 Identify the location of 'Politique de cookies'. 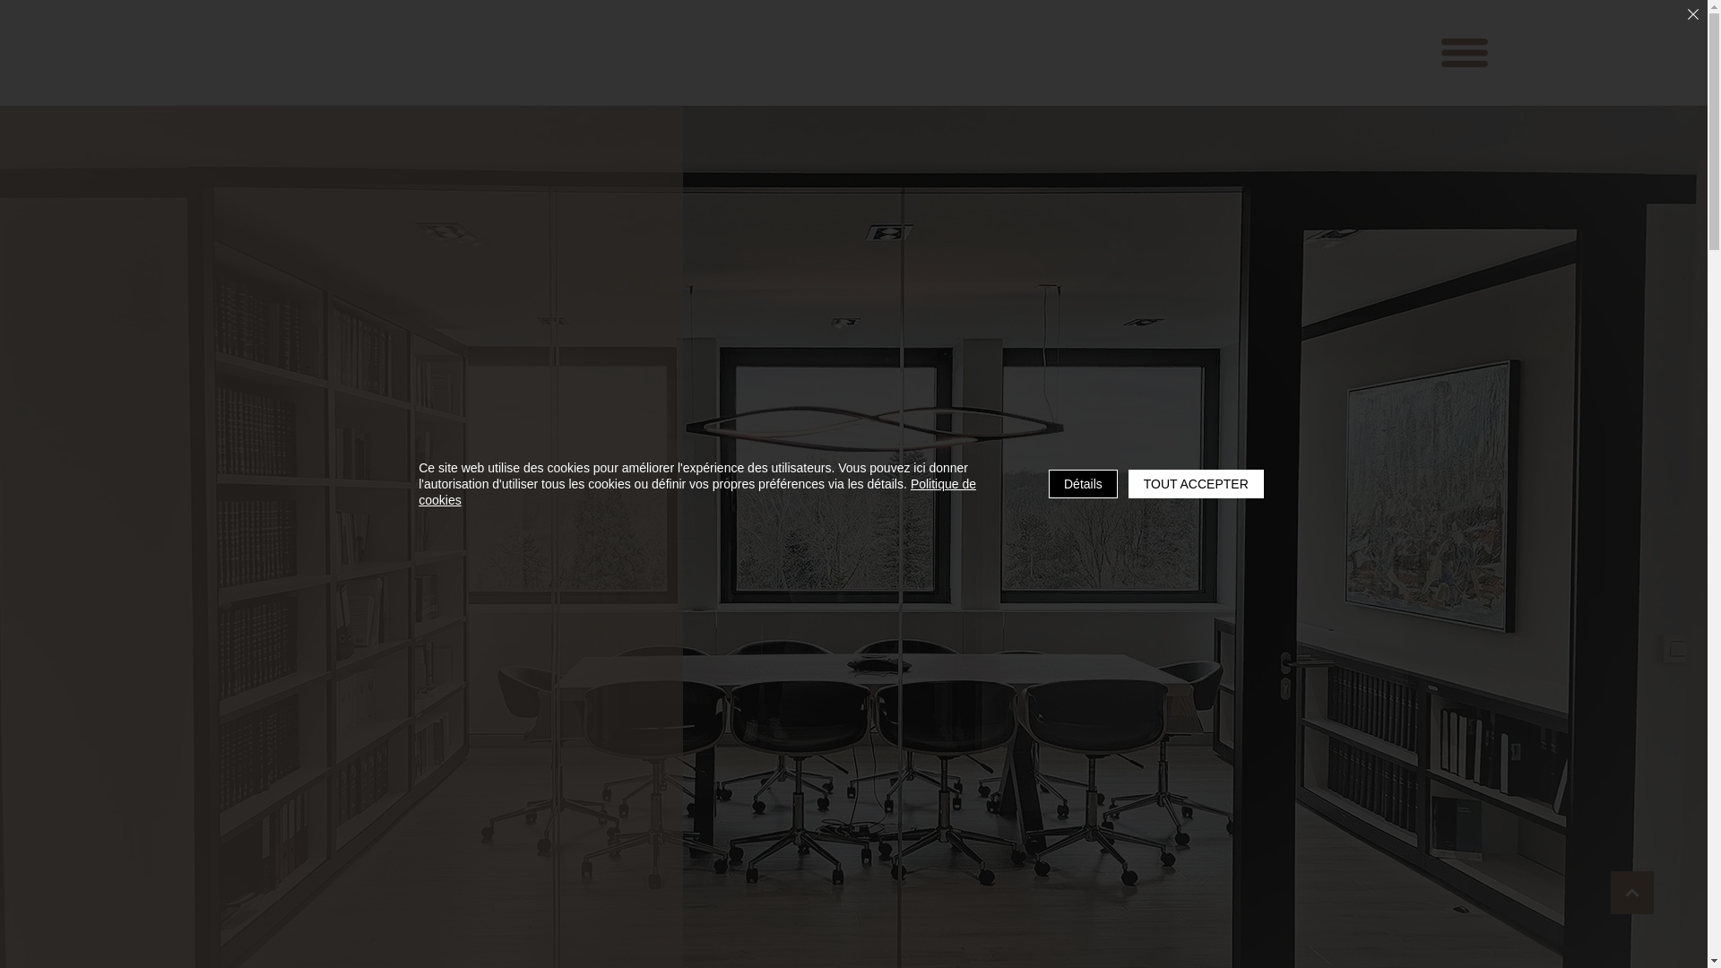
(696, 491).